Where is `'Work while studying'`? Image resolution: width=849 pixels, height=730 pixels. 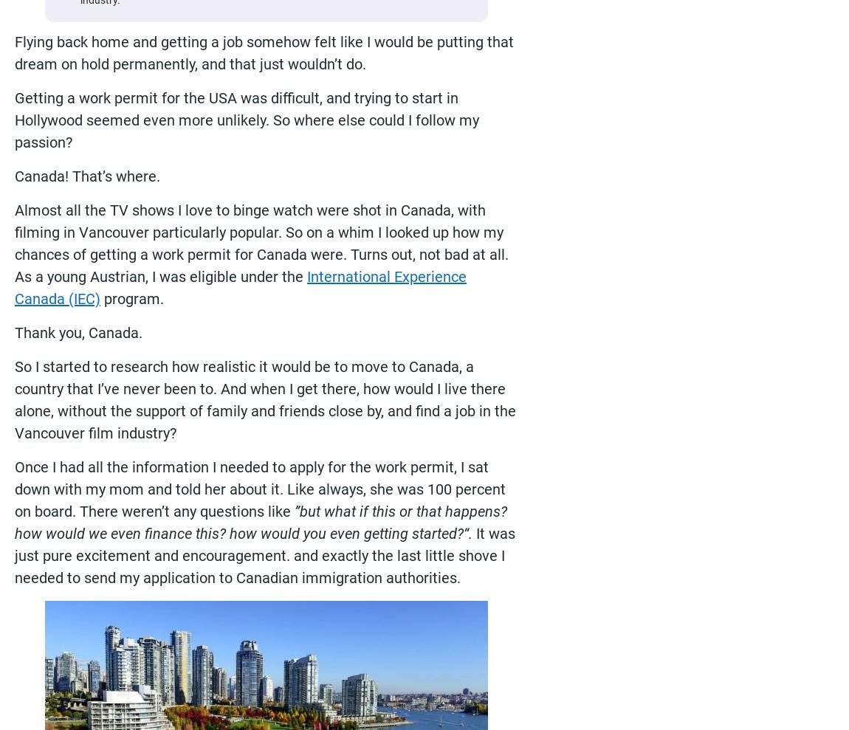
'Work while studying' is located at coordinates (613, 657).